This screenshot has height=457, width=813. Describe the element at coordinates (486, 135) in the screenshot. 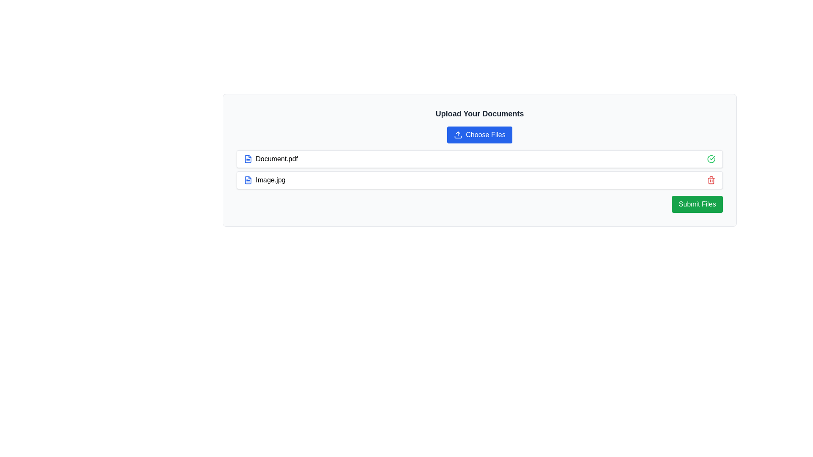

I see `the 'Choose Files' button, which is a text label styled with white text on a blue background, positioned below the heading 'Upload Your Documents'` at that location.